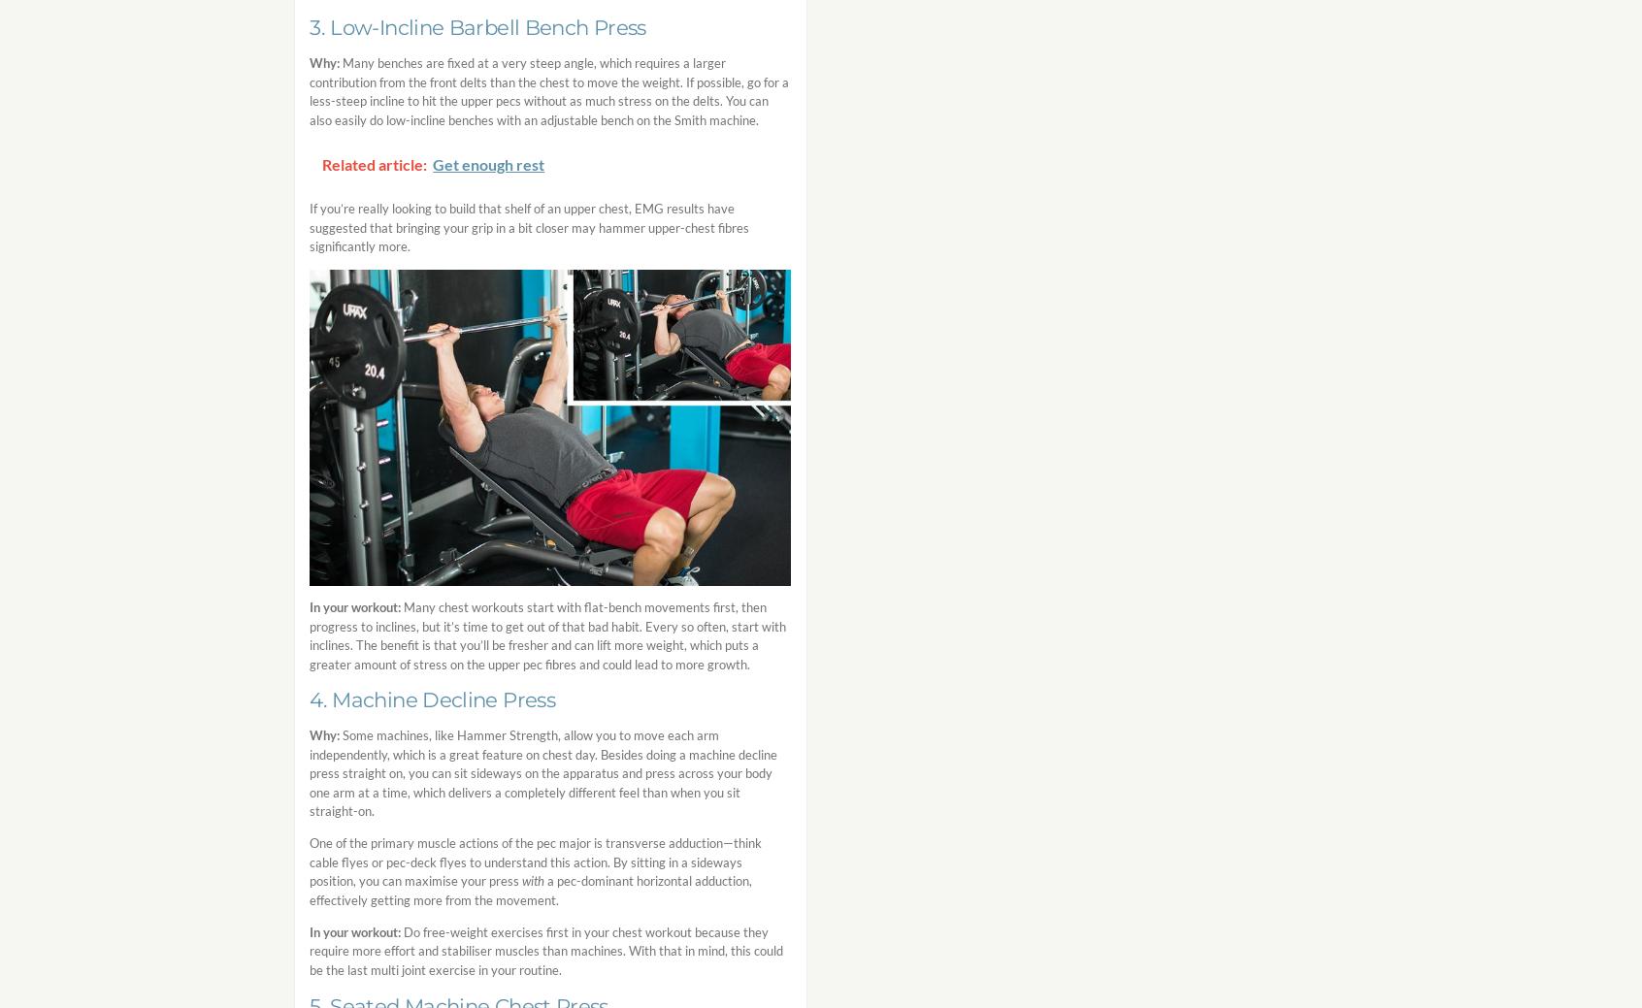 The height and width of the screenshot is (1008, 1642). What do you see at coordinates (430, 698) in the screenshot?
I see `'4. Machine Decline Press'` at bounding box center [430, 698].